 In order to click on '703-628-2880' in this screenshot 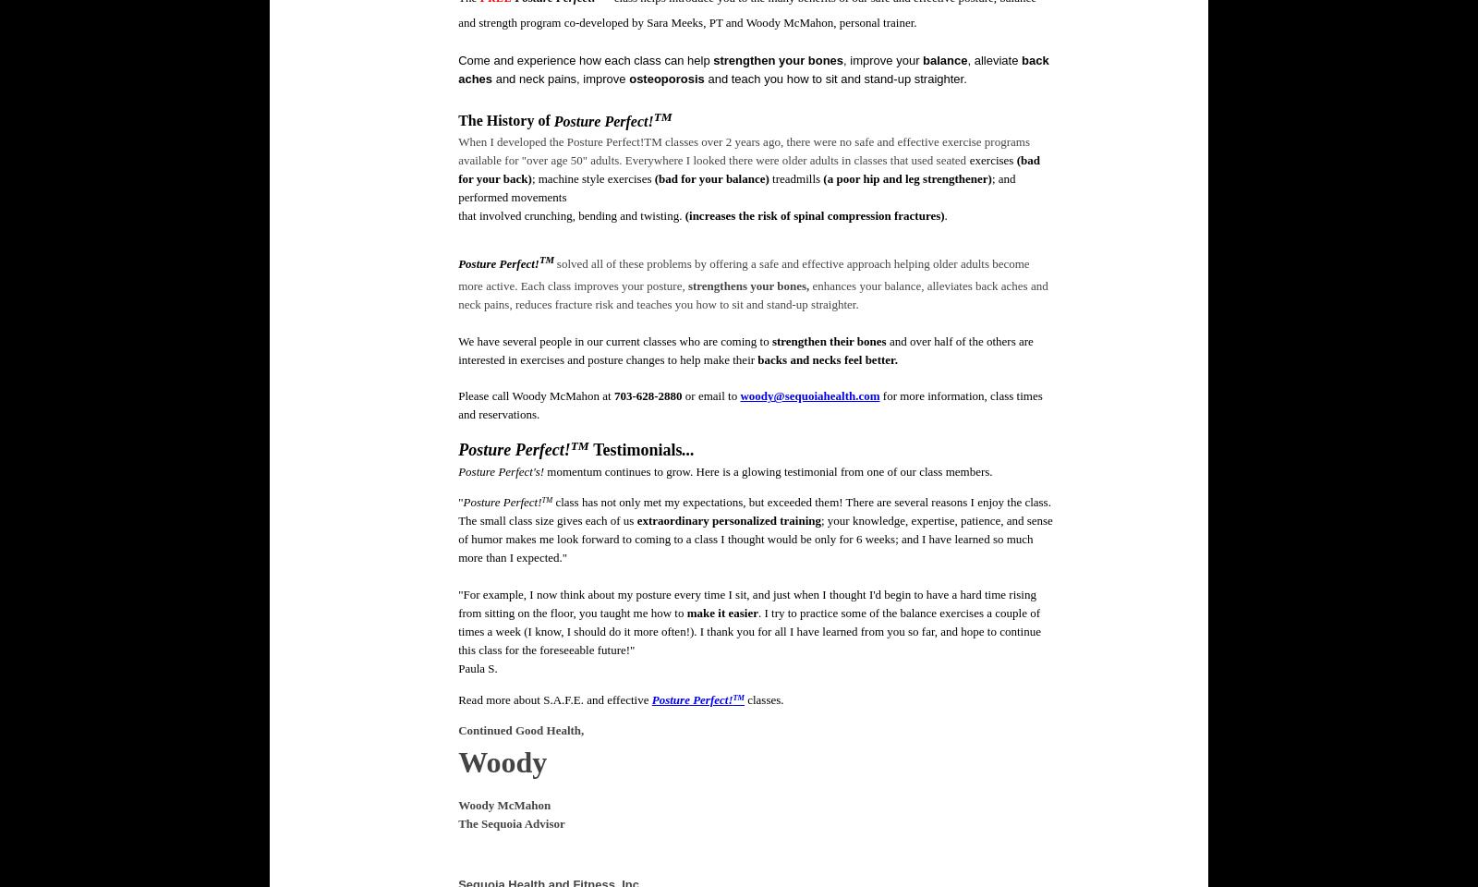, I will do `click(647, 395)`.